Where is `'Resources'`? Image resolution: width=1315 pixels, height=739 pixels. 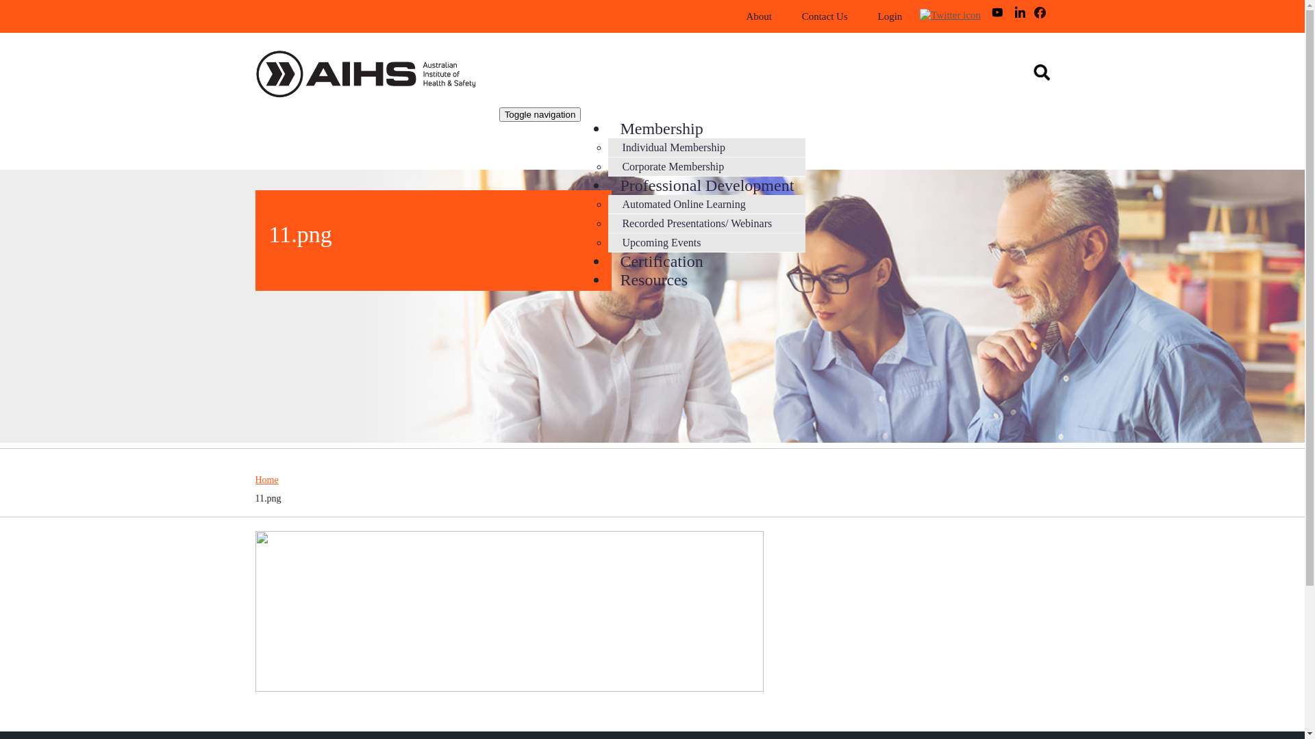
'Resources' is located at coordinates (653, 278).